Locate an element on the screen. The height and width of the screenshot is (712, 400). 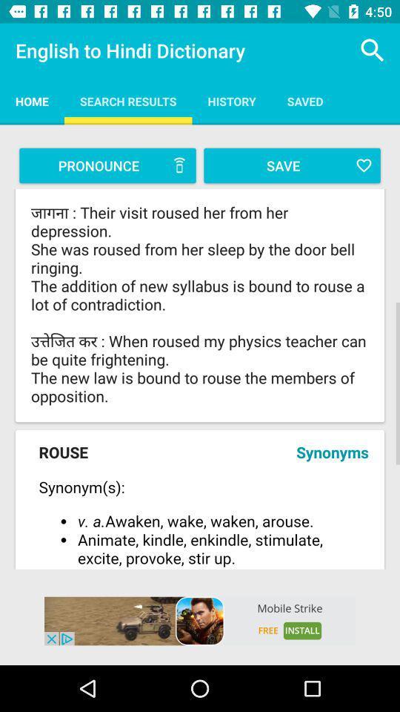
opens advertisement is located at coordinates (200, 621).